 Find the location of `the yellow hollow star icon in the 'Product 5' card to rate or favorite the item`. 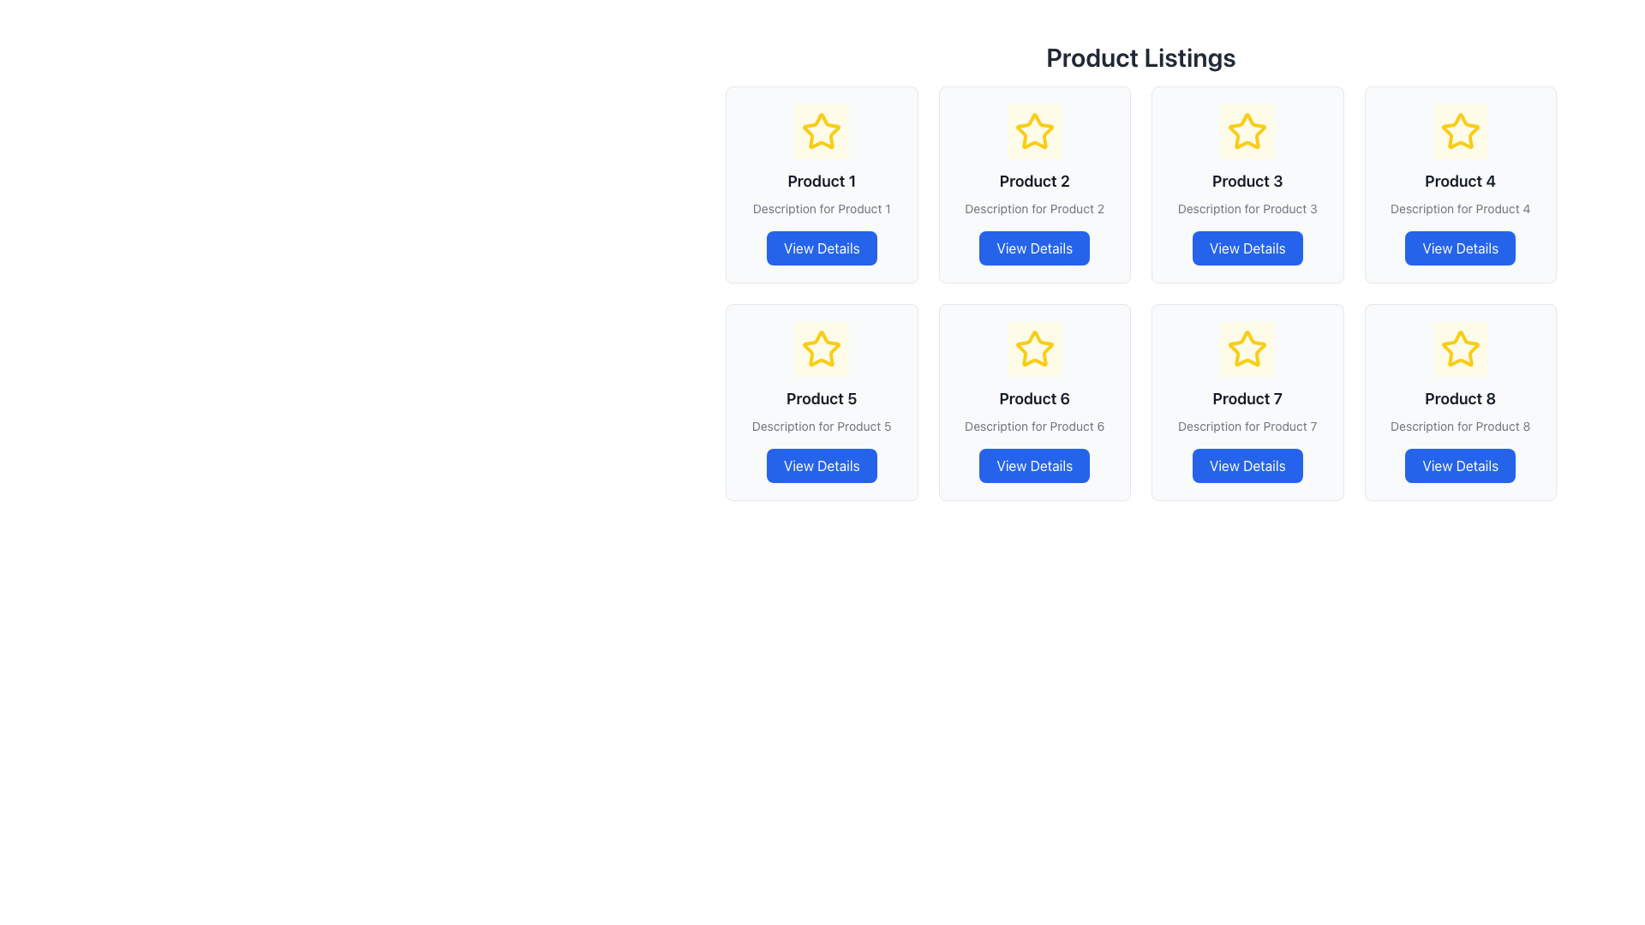

the yellow hollow star icon in the 'Product 5' card to rate or favorite the item is located at coordinates (821, 349).